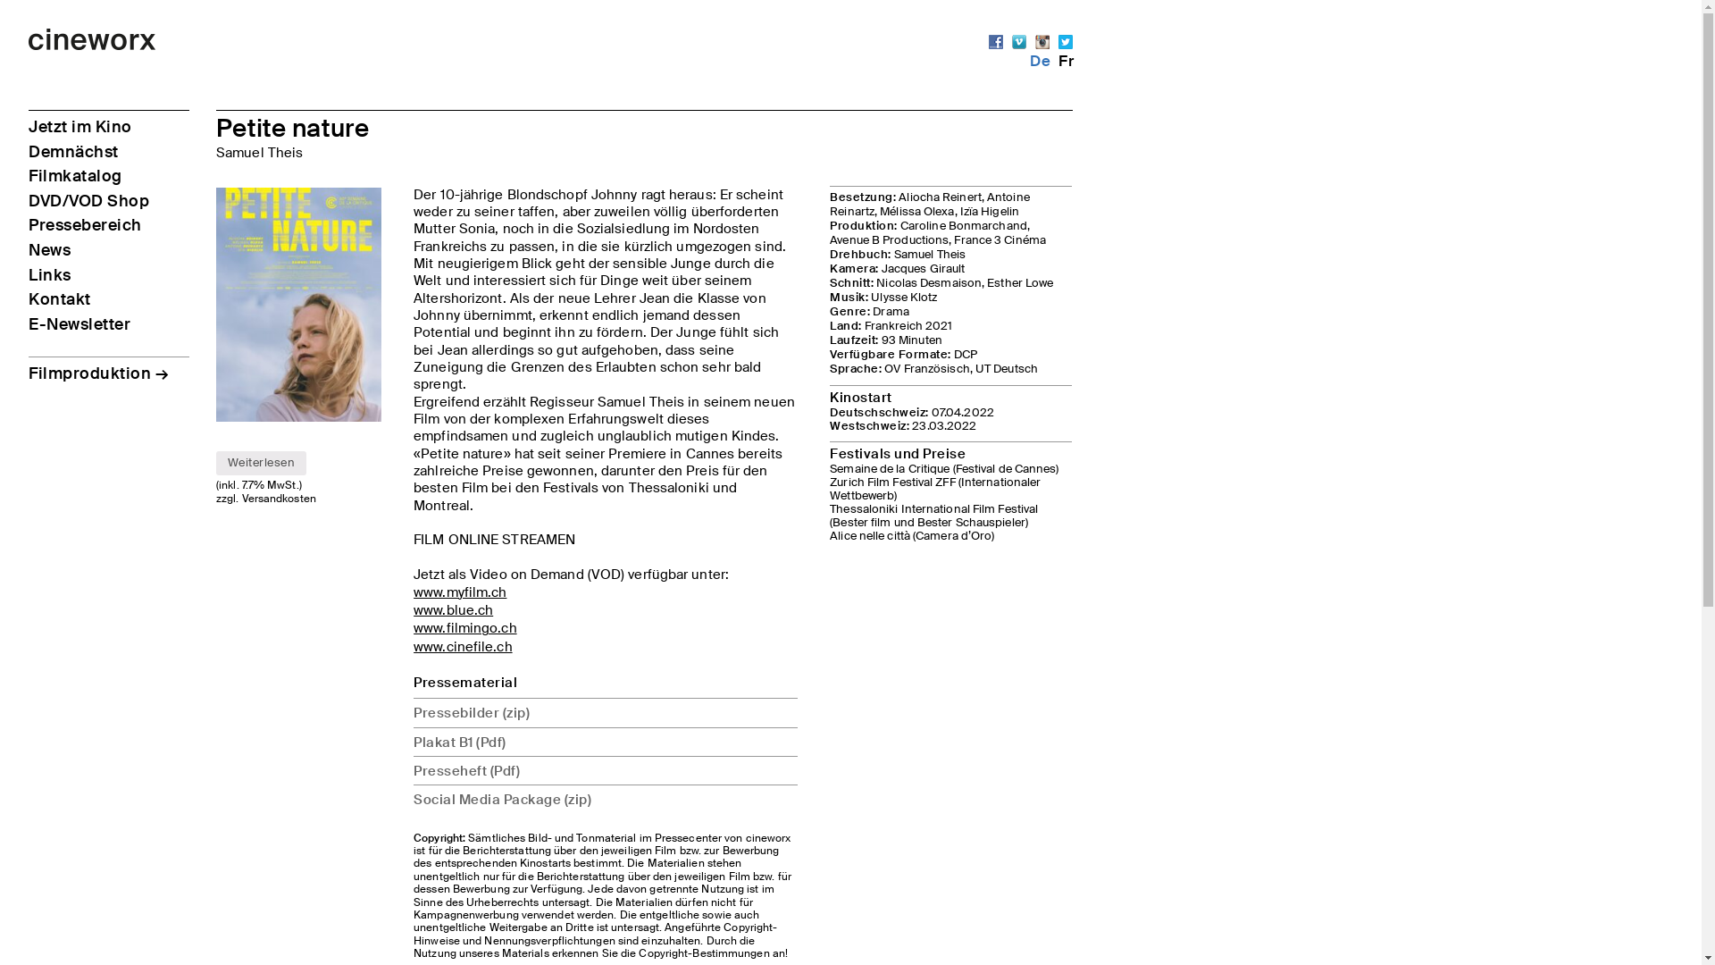 The image size is (1715, 965). What do you see at coordinates (1019, 40) in the screenshot?
I see `' Vimeo'` at bounding box center [1019, 40].